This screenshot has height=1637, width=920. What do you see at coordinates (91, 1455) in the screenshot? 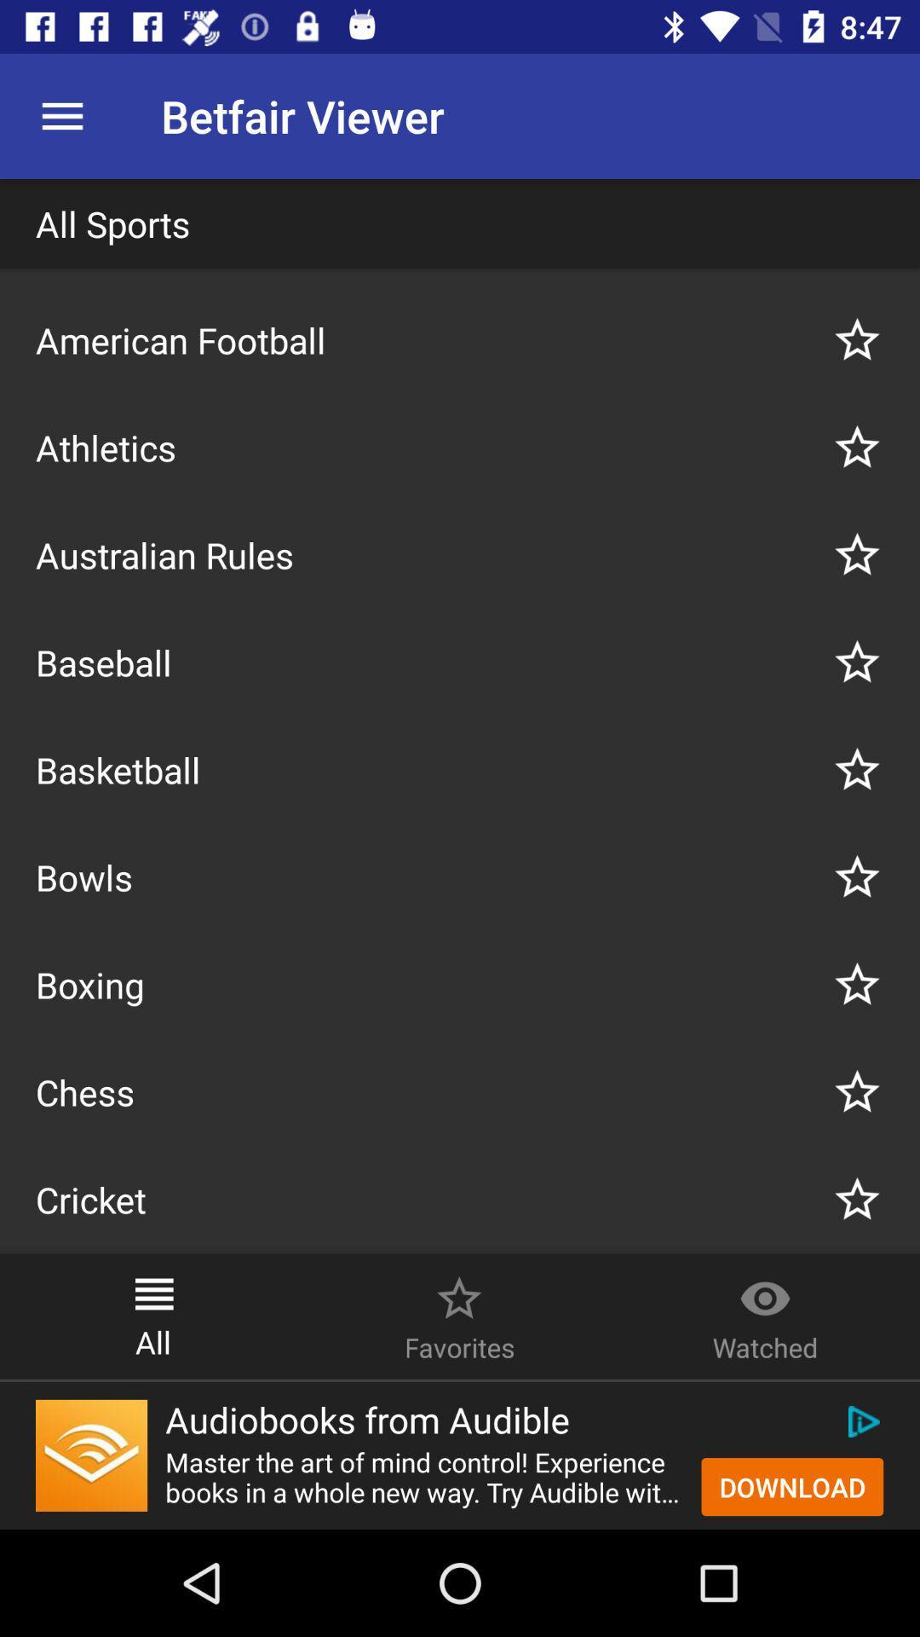
I see `the network_wifi icon` at bounding box center [91, 1455].